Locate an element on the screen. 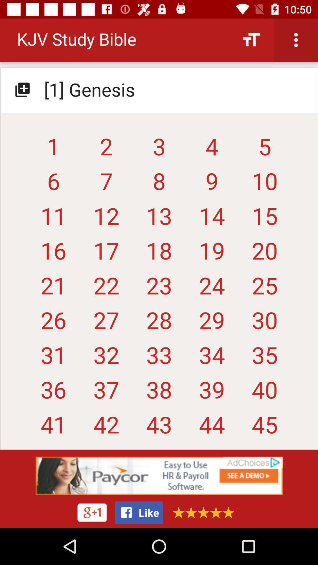 The height and width of the screenshot is (565, 318). main page is located at coordinates (159, 236).